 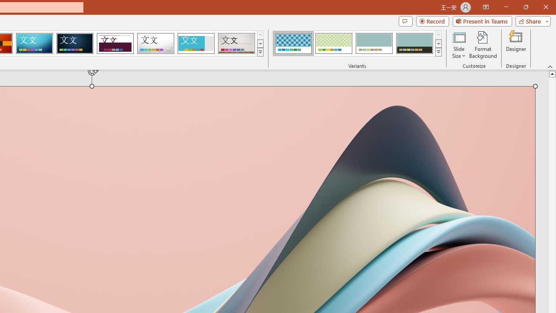 What do you see at coordinates (438, 52) in the screenshot?
I see `'Variants'` at bounding box center [438, 52].